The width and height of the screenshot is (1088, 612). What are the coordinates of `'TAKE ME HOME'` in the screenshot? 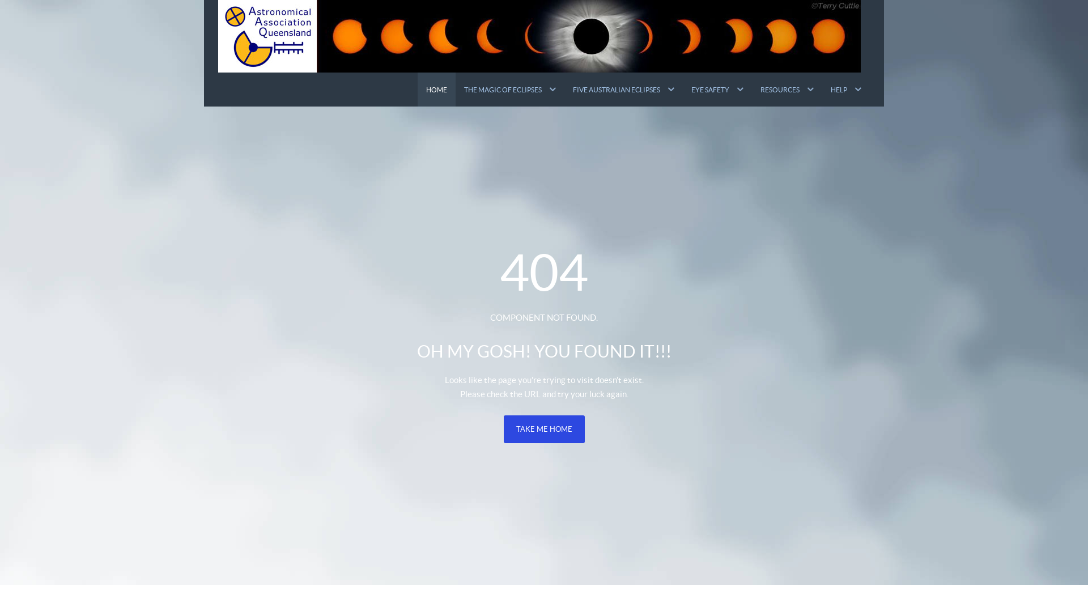 It's located at (543, 429).